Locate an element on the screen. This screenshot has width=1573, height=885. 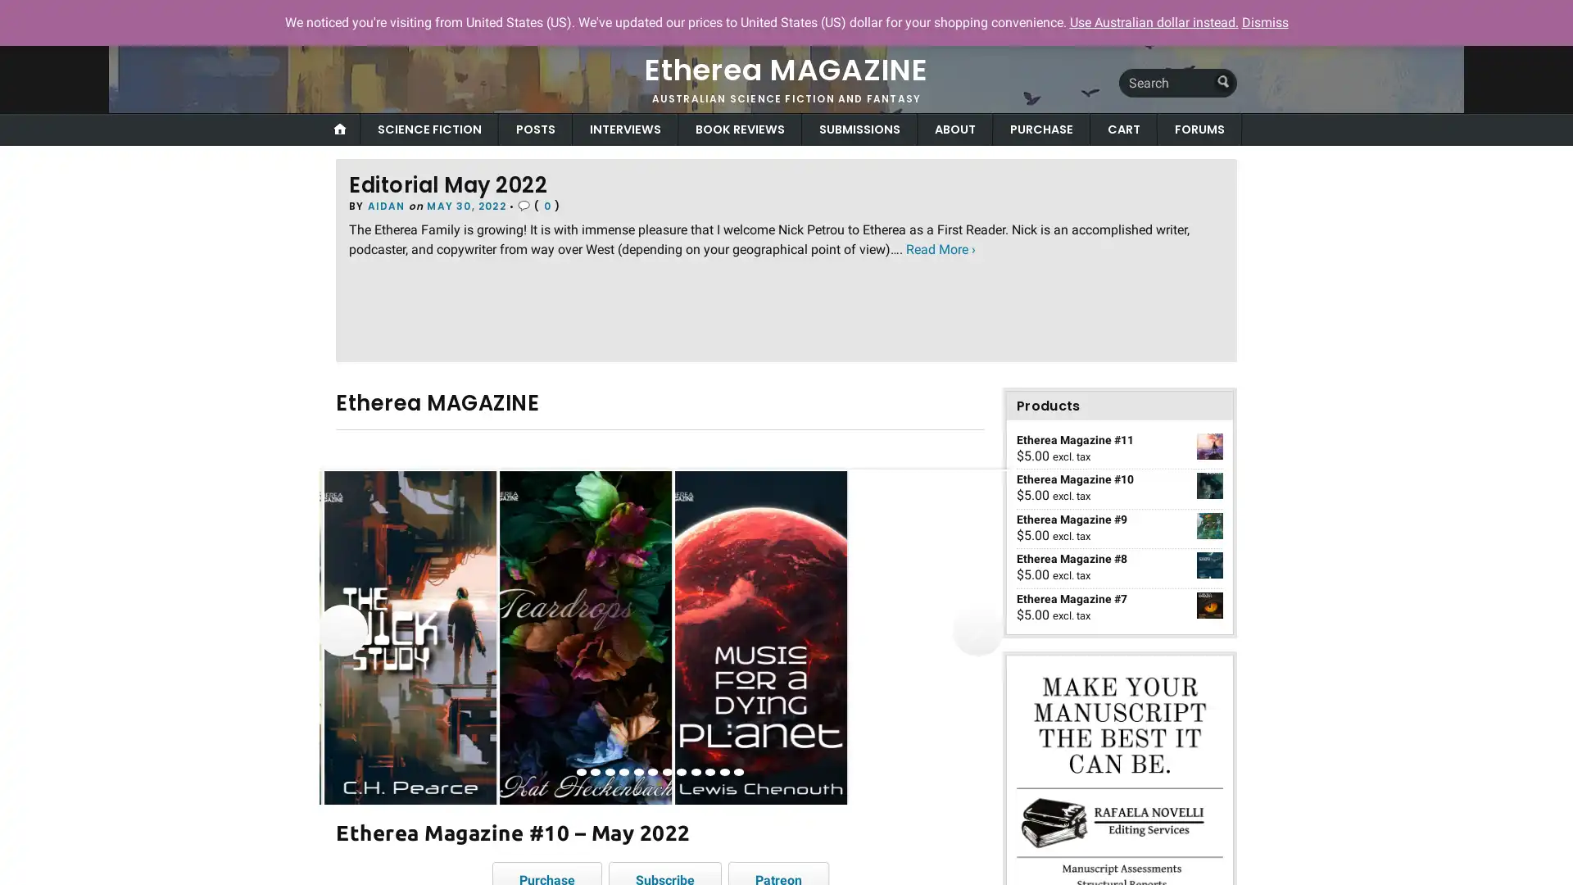
view image 8 of 12 in carousel is located at coordinates (681, 771).